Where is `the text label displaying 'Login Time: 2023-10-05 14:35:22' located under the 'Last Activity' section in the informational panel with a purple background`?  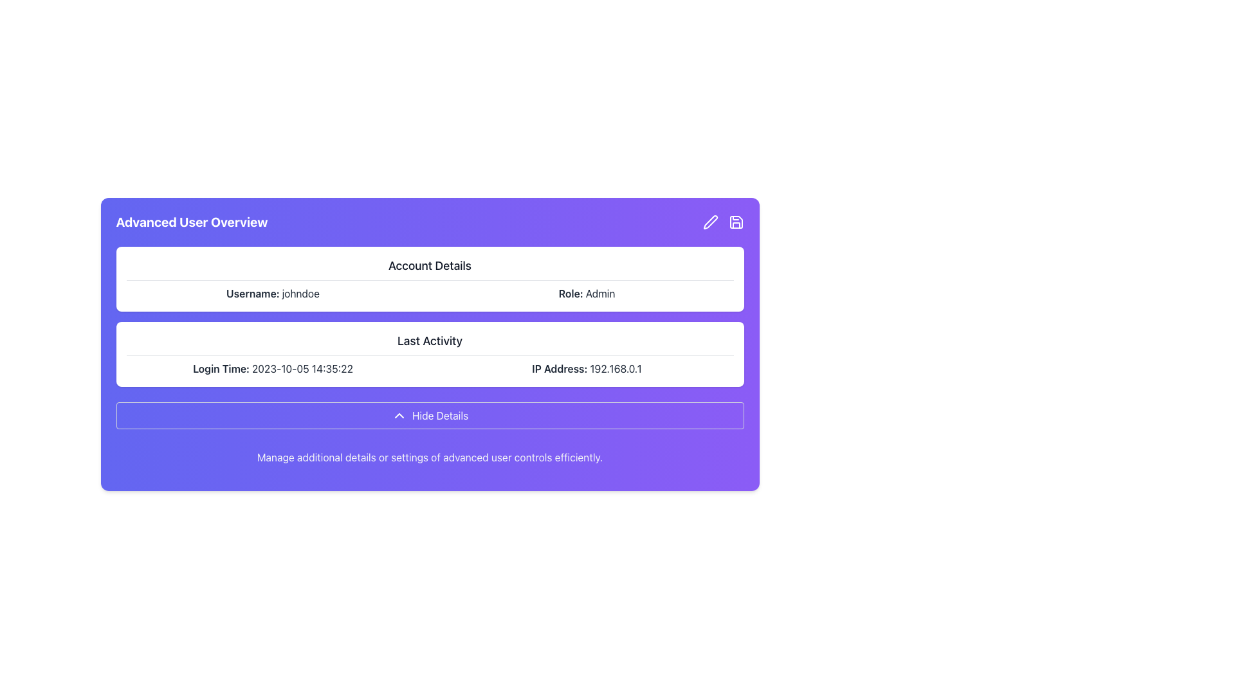 the text label displaying 'Login Time: 2023-10-05 14:35:22' located under the 'Last Activity' section in the informational panel with a purple background is located at coordinates (272, 369).